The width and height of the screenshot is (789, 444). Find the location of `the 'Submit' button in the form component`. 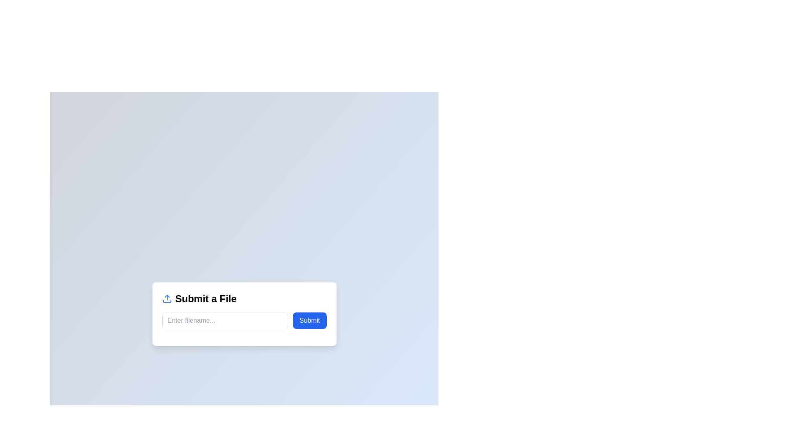

the 'Submit' button in the form component is located at coordinates (244, 320).